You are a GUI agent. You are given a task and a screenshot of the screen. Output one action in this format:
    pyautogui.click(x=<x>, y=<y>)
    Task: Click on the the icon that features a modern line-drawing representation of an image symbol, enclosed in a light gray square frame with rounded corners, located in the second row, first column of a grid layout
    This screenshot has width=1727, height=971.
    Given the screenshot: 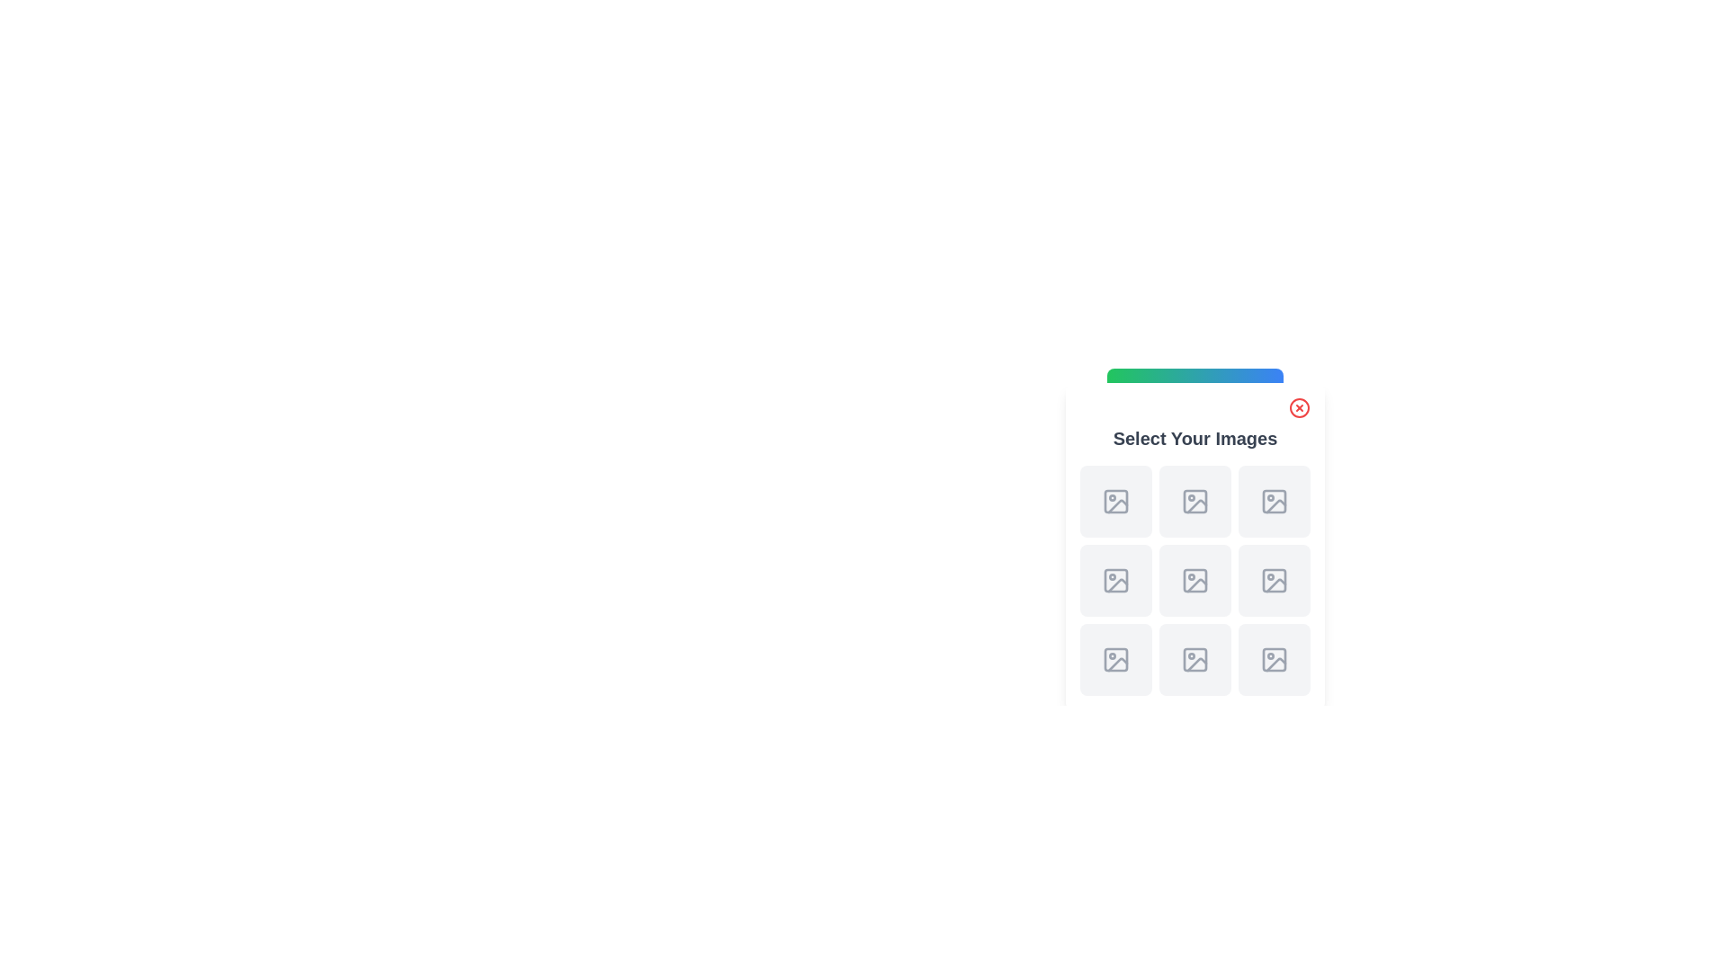 What is the action you would take?
    pyautogui.click(x=1195, y=502)
    